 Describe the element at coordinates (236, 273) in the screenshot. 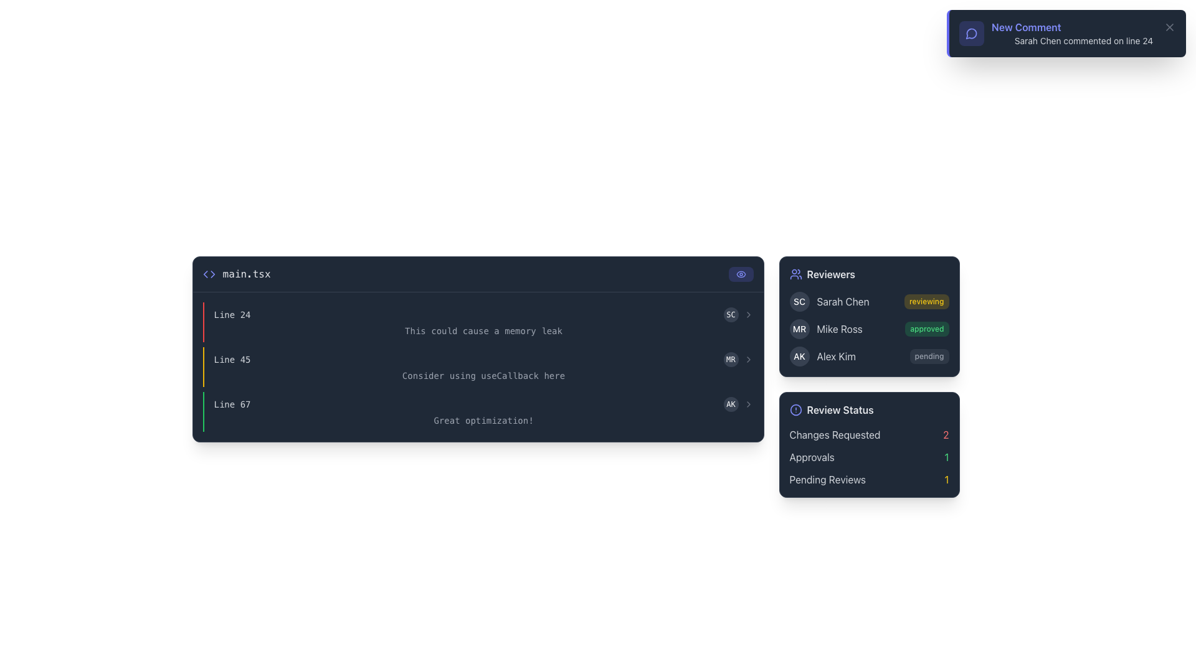

I see `label text displaying the name of the file currently being viewed or edited, located at the top of a bordered section with a dark background and adjacent to a code icon` at that location.